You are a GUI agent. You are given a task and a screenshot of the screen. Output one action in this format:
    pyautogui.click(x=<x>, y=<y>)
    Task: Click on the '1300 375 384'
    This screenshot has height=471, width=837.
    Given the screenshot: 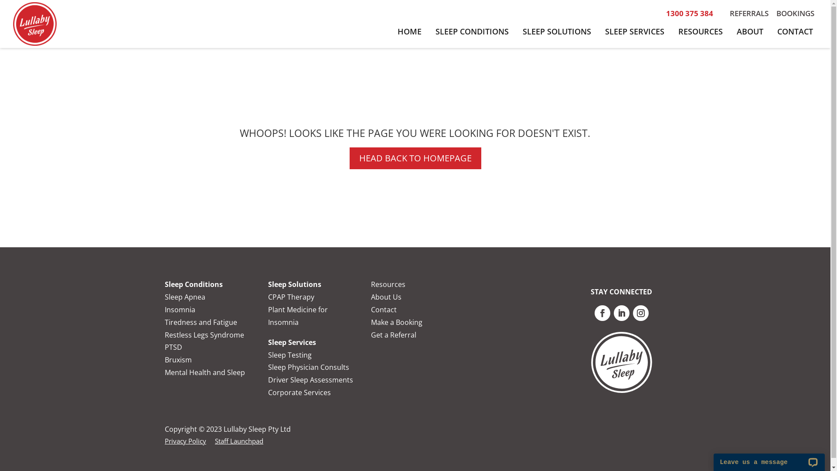 What is the action you would take?
    pyautogui.click(x=689, y=13)
    